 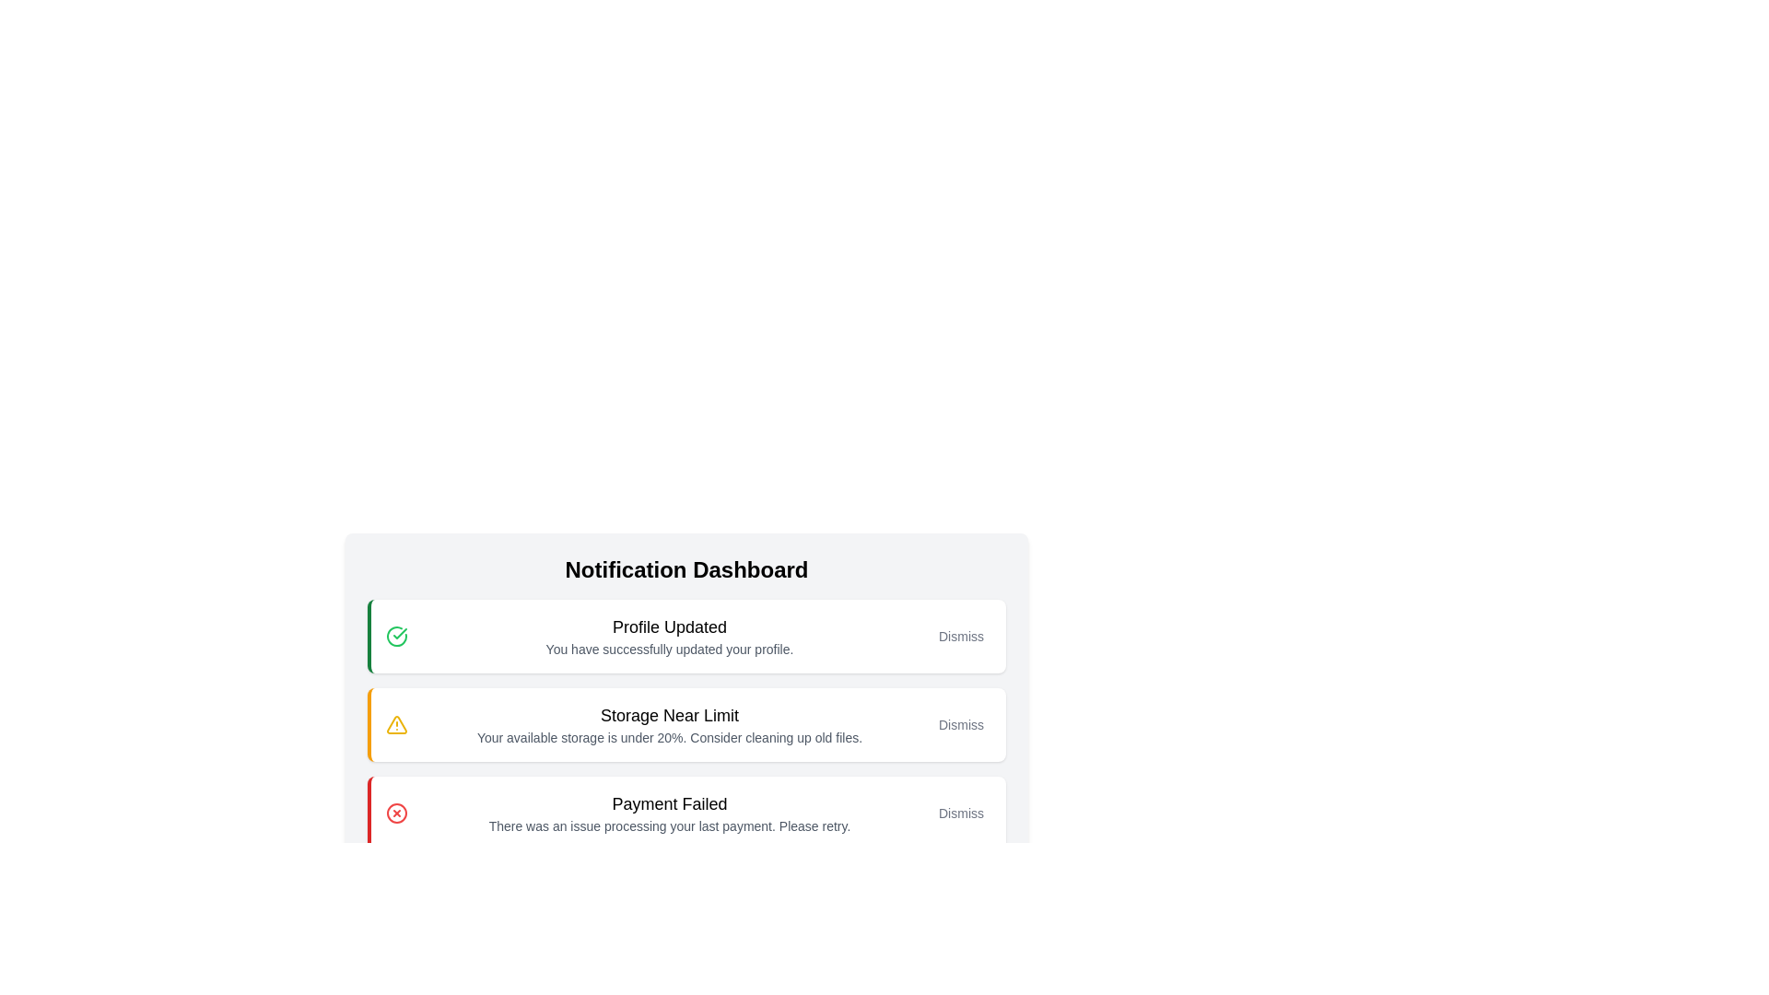 I want to click on warning message from the Notification Card that indicates the user's storage is nearing capacity, located as the second card in the notification list, so click(x=668, y=723).